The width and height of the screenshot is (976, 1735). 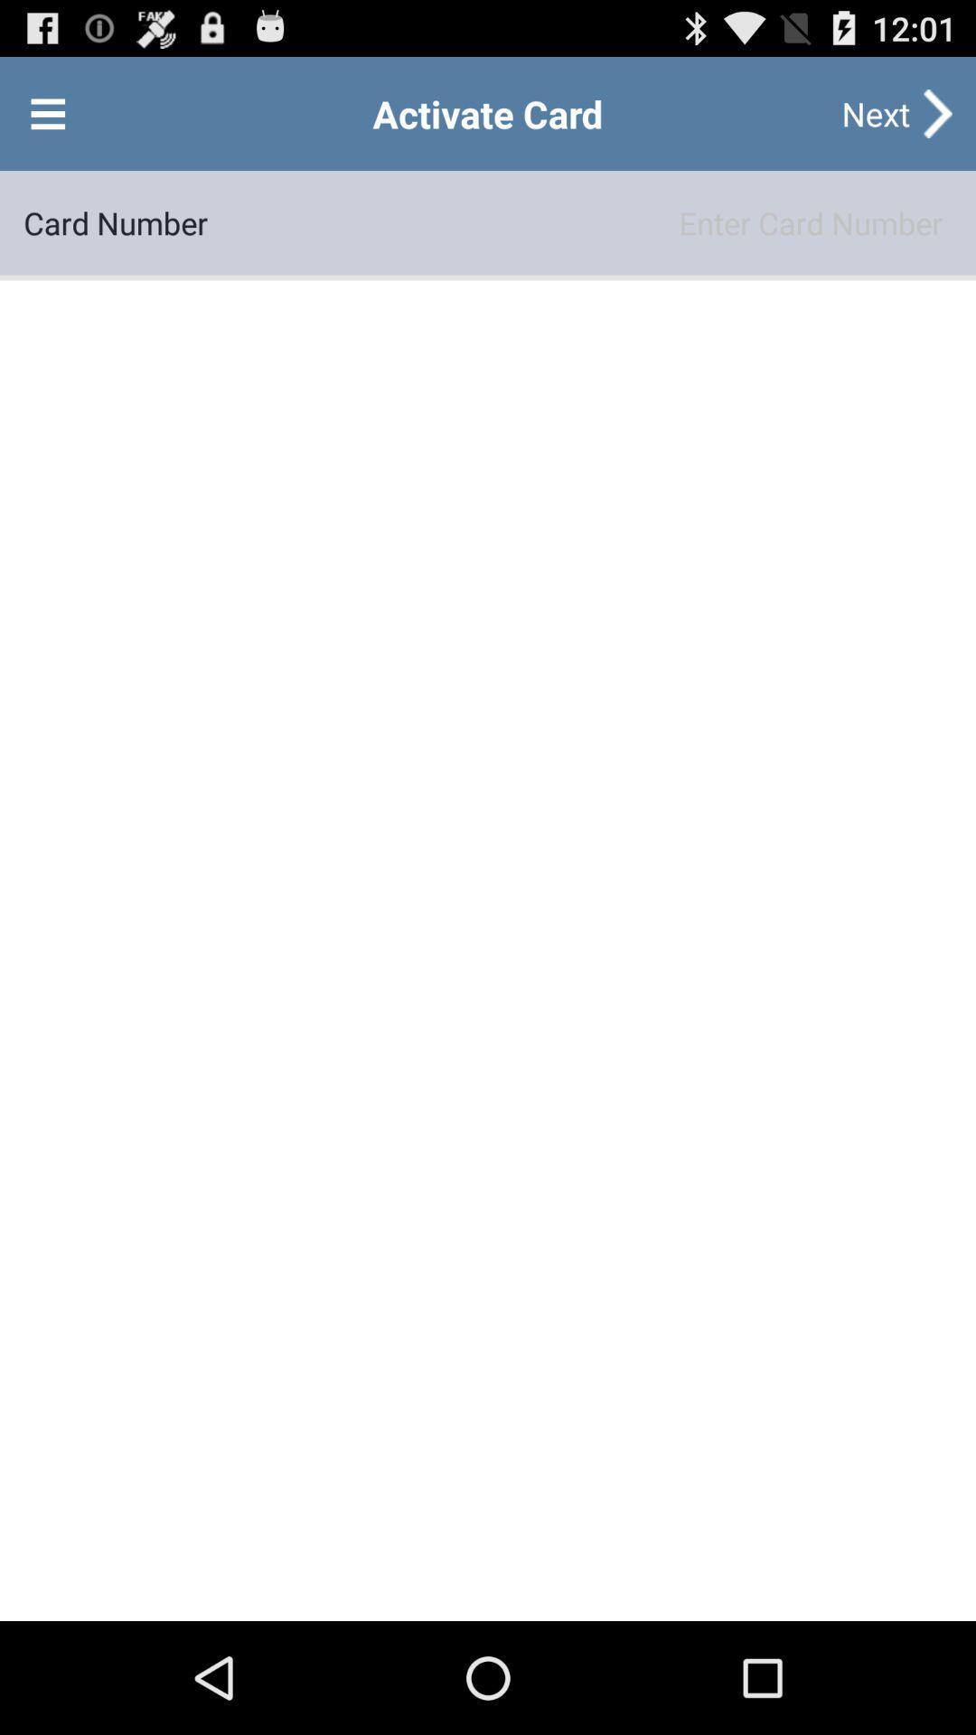 What do you see at coordinates (579, 221) in the screenshot?
I see `button below the next button` at bounding box center [579, 221].